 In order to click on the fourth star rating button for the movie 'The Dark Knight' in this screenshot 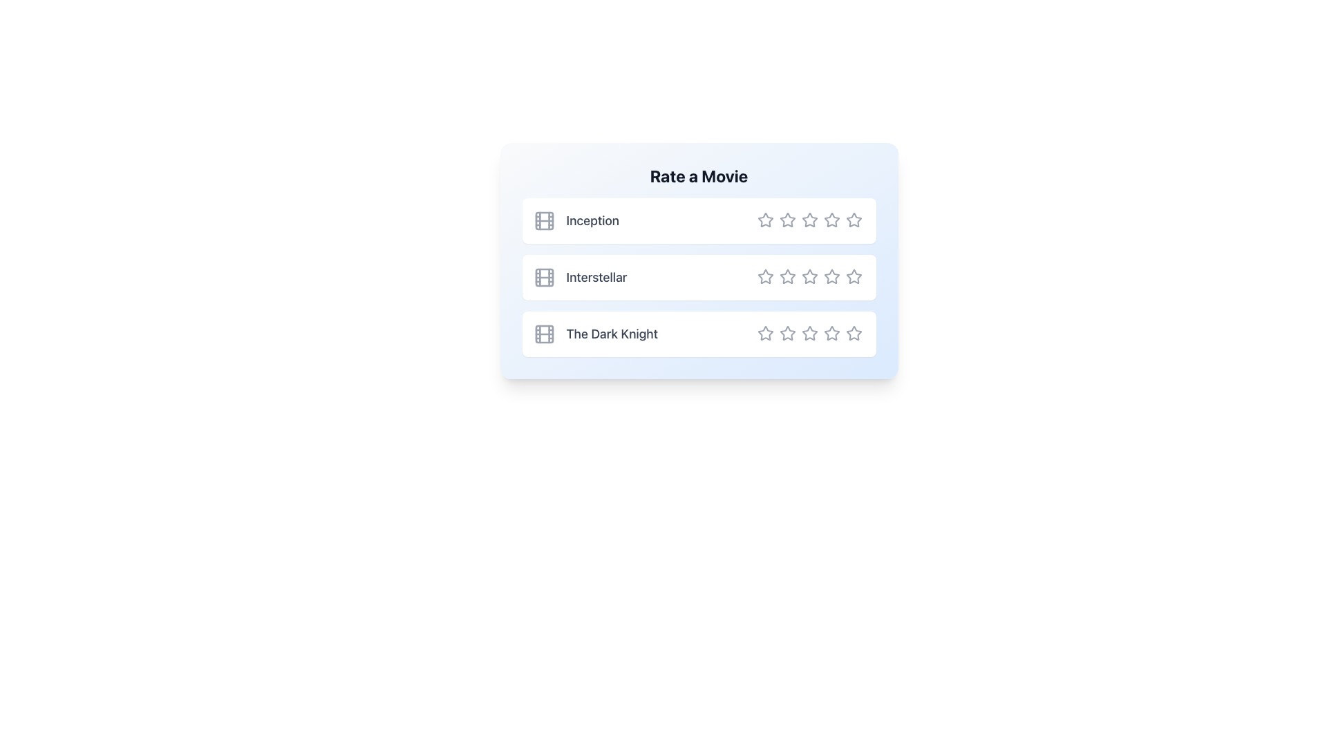, I will do `click(831, 333)`.